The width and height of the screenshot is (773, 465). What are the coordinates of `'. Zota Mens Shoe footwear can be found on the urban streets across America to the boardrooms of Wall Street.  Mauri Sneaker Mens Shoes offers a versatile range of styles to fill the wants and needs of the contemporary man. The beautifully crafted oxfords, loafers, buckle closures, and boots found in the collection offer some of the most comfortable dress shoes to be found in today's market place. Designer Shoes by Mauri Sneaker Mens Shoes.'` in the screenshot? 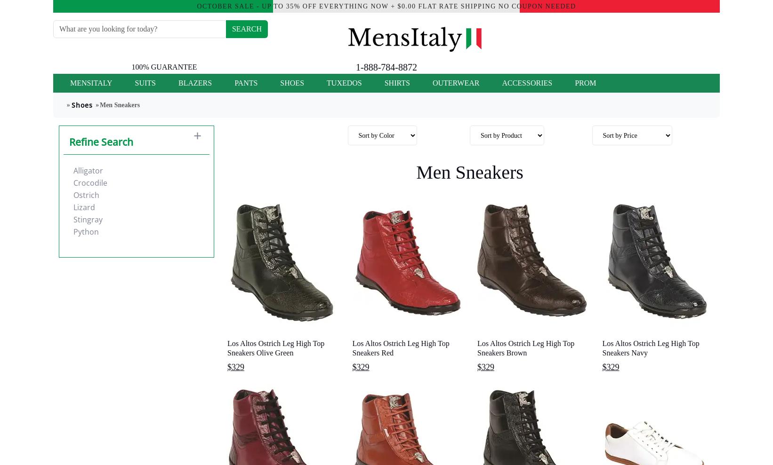 It's located at (503, 417).